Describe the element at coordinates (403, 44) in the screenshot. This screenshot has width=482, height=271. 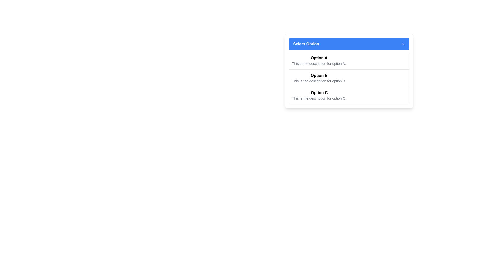
I see `the upward-pointing chevron icon located in the top-right corner of the 'Select Option' dropdown header` at that location.